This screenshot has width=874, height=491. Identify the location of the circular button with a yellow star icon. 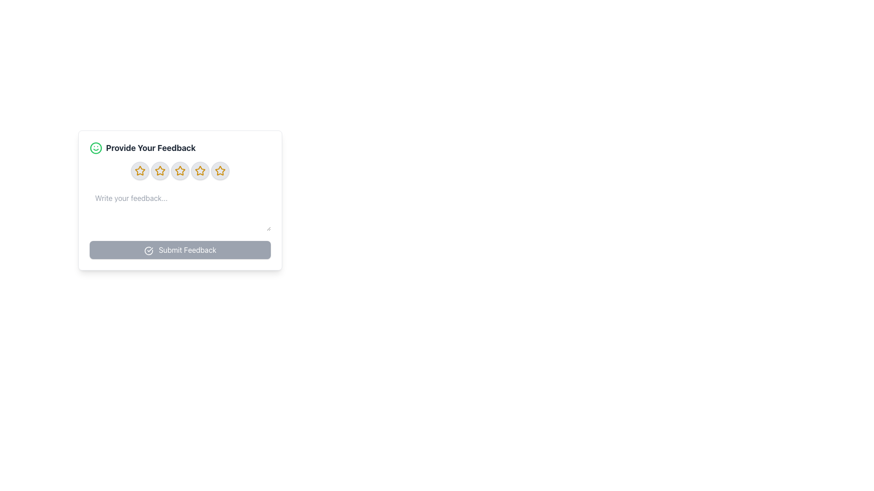
(200, 170).